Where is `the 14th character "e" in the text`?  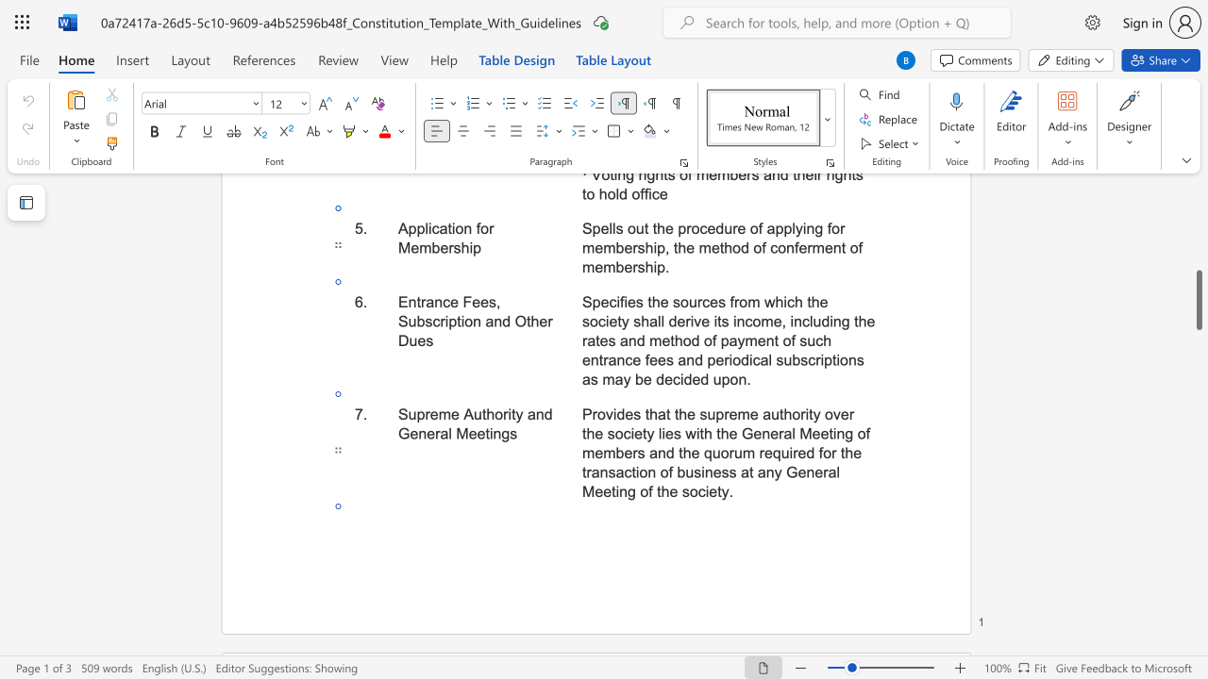
the 14th character "e" in the text is located at coordinates (597, 453).